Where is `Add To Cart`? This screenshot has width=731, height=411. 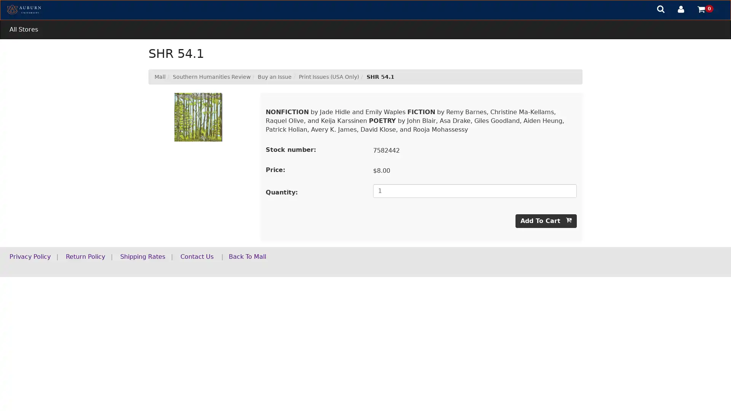
Add To Cart is located at coordinates (546, 221).